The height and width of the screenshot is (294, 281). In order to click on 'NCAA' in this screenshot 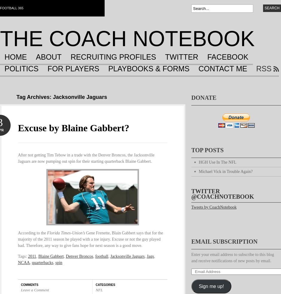, I will do `click(24, 263)`.